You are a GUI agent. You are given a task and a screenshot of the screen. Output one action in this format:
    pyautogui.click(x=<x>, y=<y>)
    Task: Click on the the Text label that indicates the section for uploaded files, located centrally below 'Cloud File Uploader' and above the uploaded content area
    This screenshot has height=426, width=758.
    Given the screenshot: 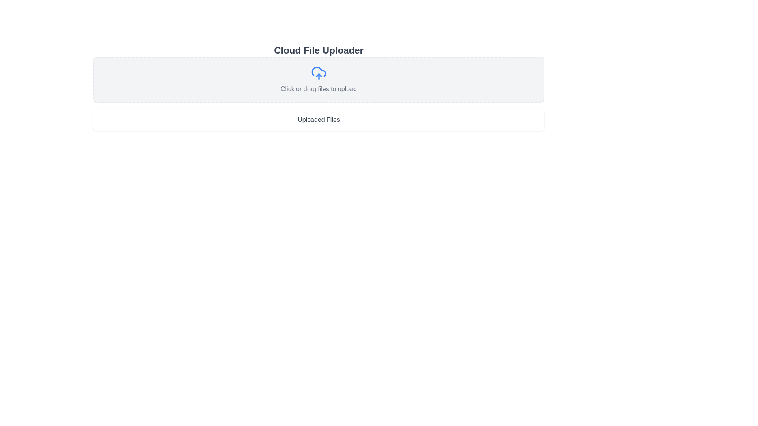 What is the action you would take?
    pyautogui.click(x=319, y=120)
    